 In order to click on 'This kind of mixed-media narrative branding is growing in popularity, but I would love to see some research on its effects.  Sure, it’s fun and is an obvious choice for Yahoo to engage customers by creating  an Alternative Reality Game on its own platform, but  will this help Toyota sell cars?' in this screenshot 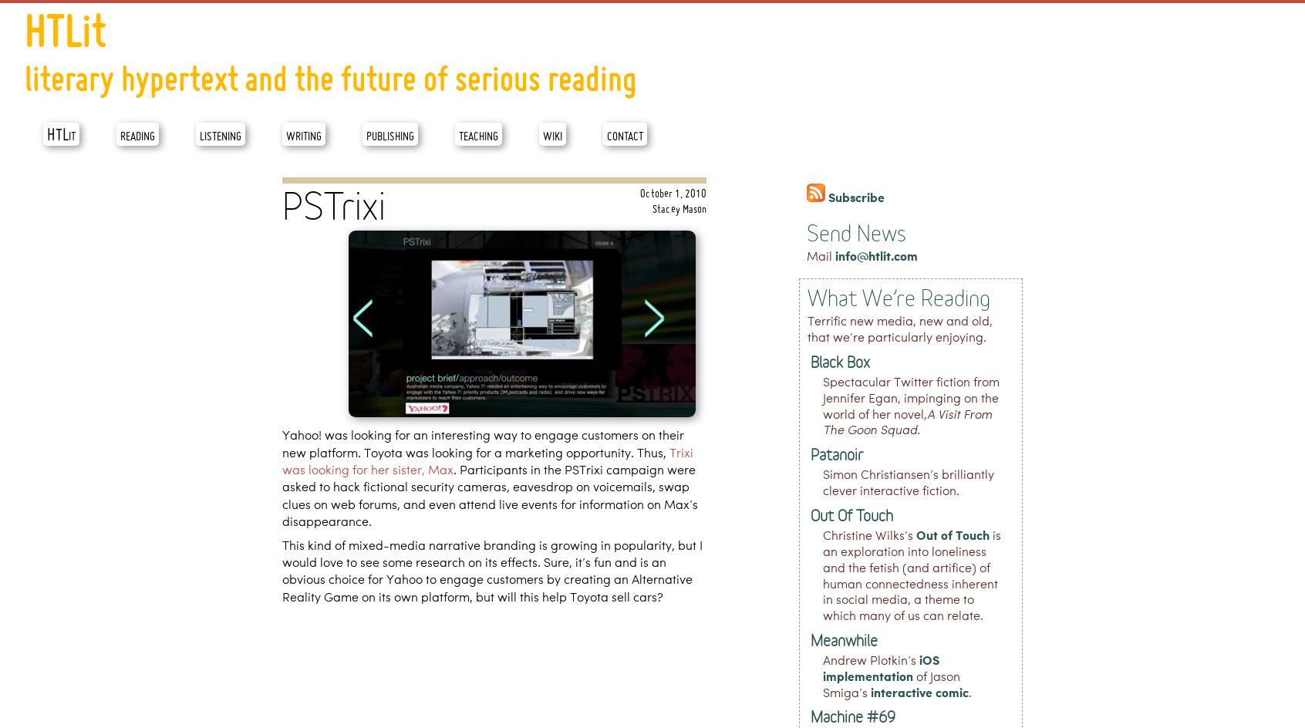, I will do `click(282, 571)`.